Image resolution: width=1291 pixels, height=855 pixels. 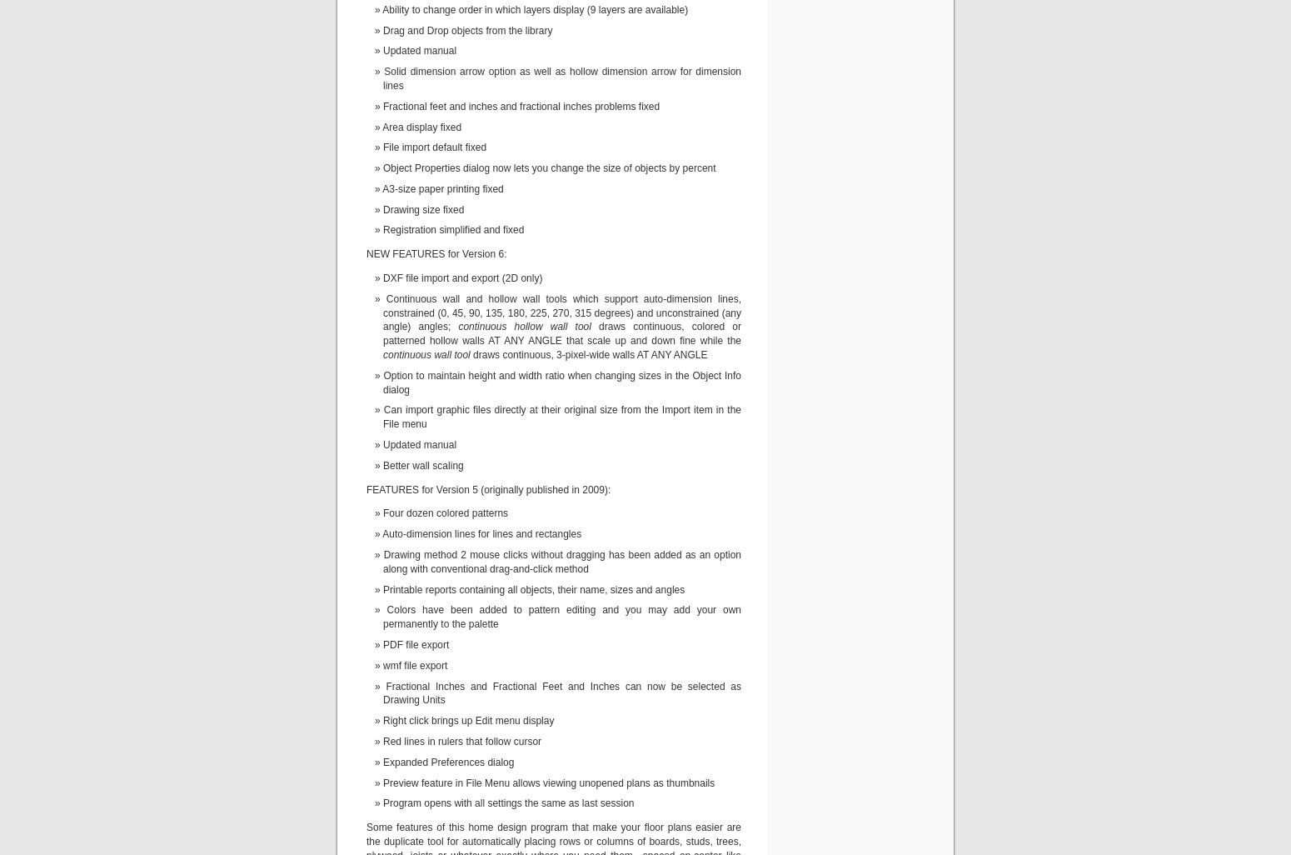 I want to click on 'Option to maintain height and width ratio when changing sizes in the Object Info dialog', so click(x=561, y=382).